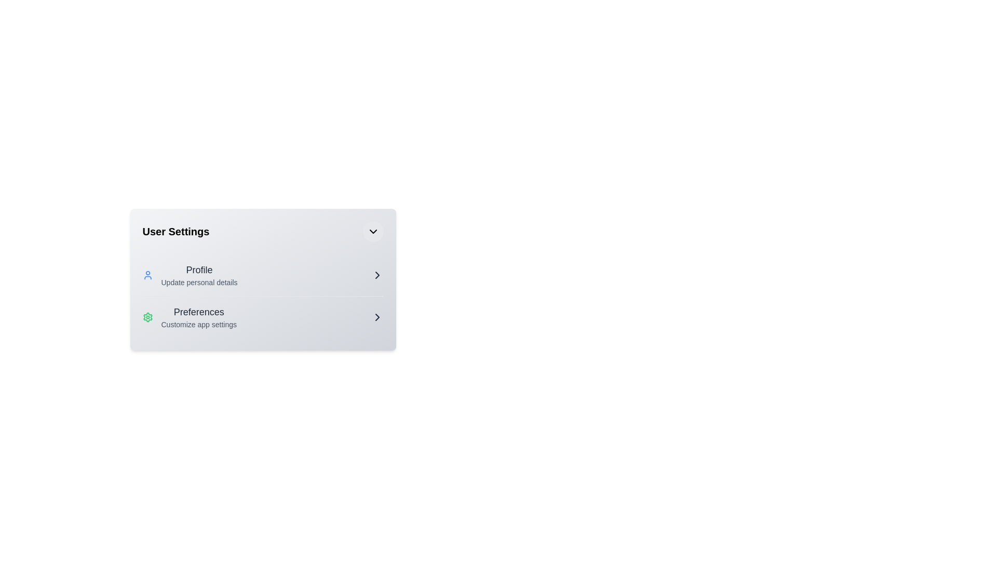  Describe the element at coordinates (190, 274) in the screenshot. I see `the 'Profile' interactive item in the User Settings menu, which includes a blue user profile icon and the text 'Profile' with a description underneath` at that location.